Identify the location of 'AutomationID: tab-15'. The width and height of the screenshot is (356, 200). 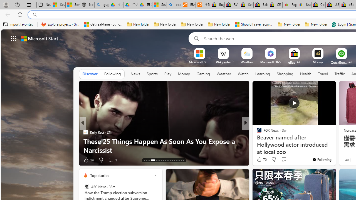
(149, 160).